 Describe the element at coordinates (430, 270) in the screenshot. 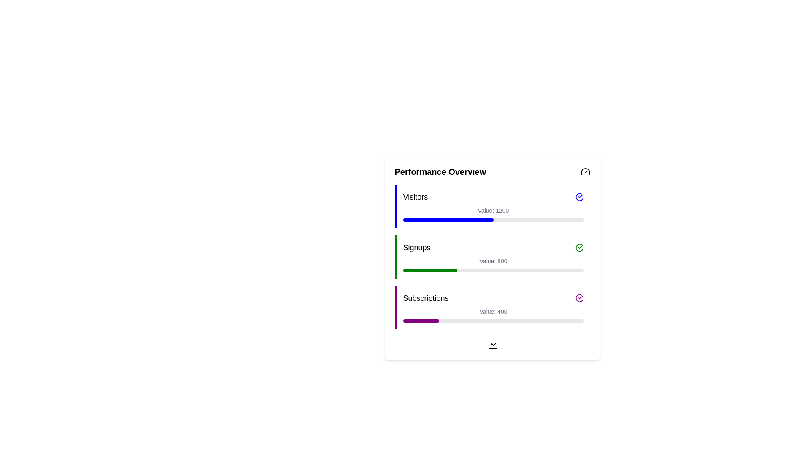

I see `the progress indicator representing 30% completion of the 'Signups' metric within the second progress bar in the performance overview card` at that location.